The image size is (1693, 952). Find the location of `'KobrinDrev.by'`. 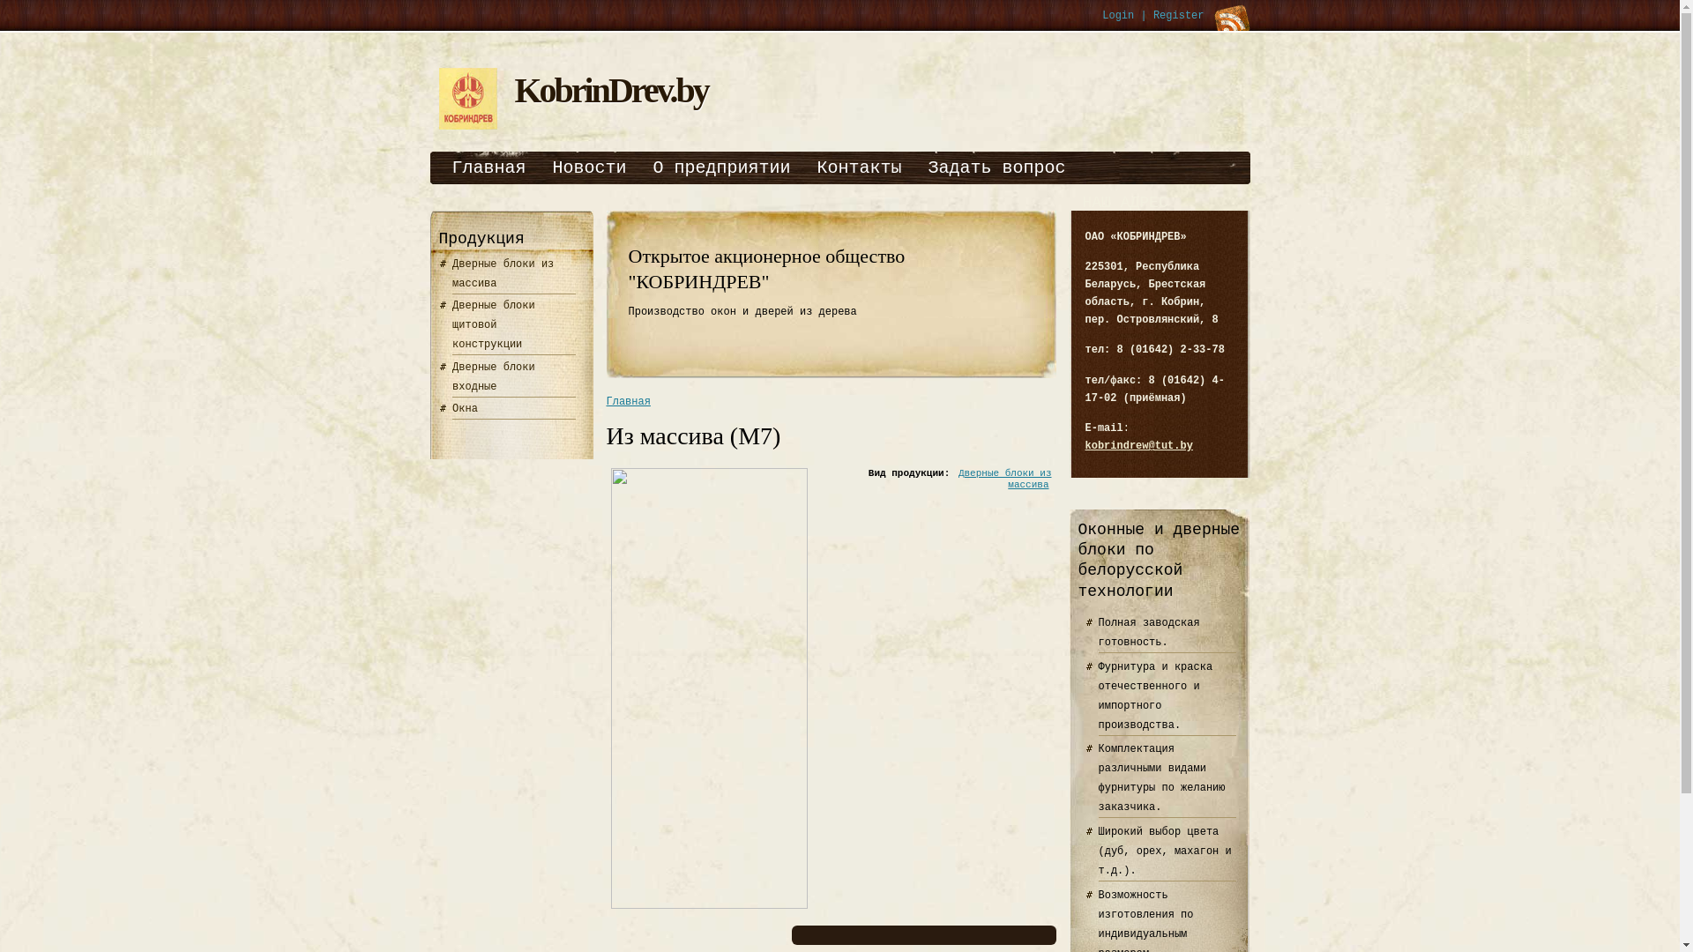

'KobrinDrev.by' is located at coordinates (611, 90).